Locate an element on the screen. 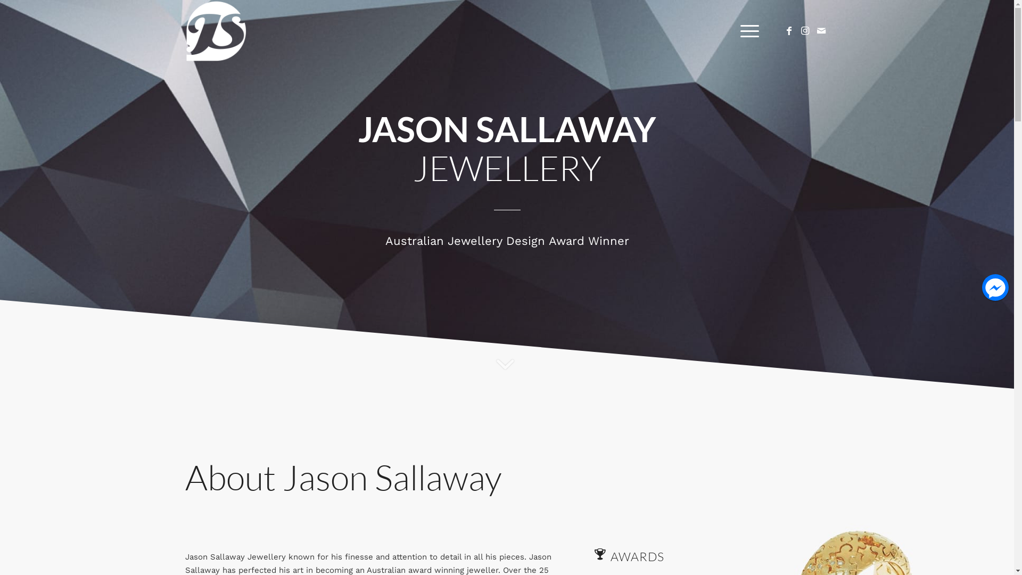 Image resolution: width=1022 pixels, height=575 pixels. 'Mail' is located at coordinates (820, 30).